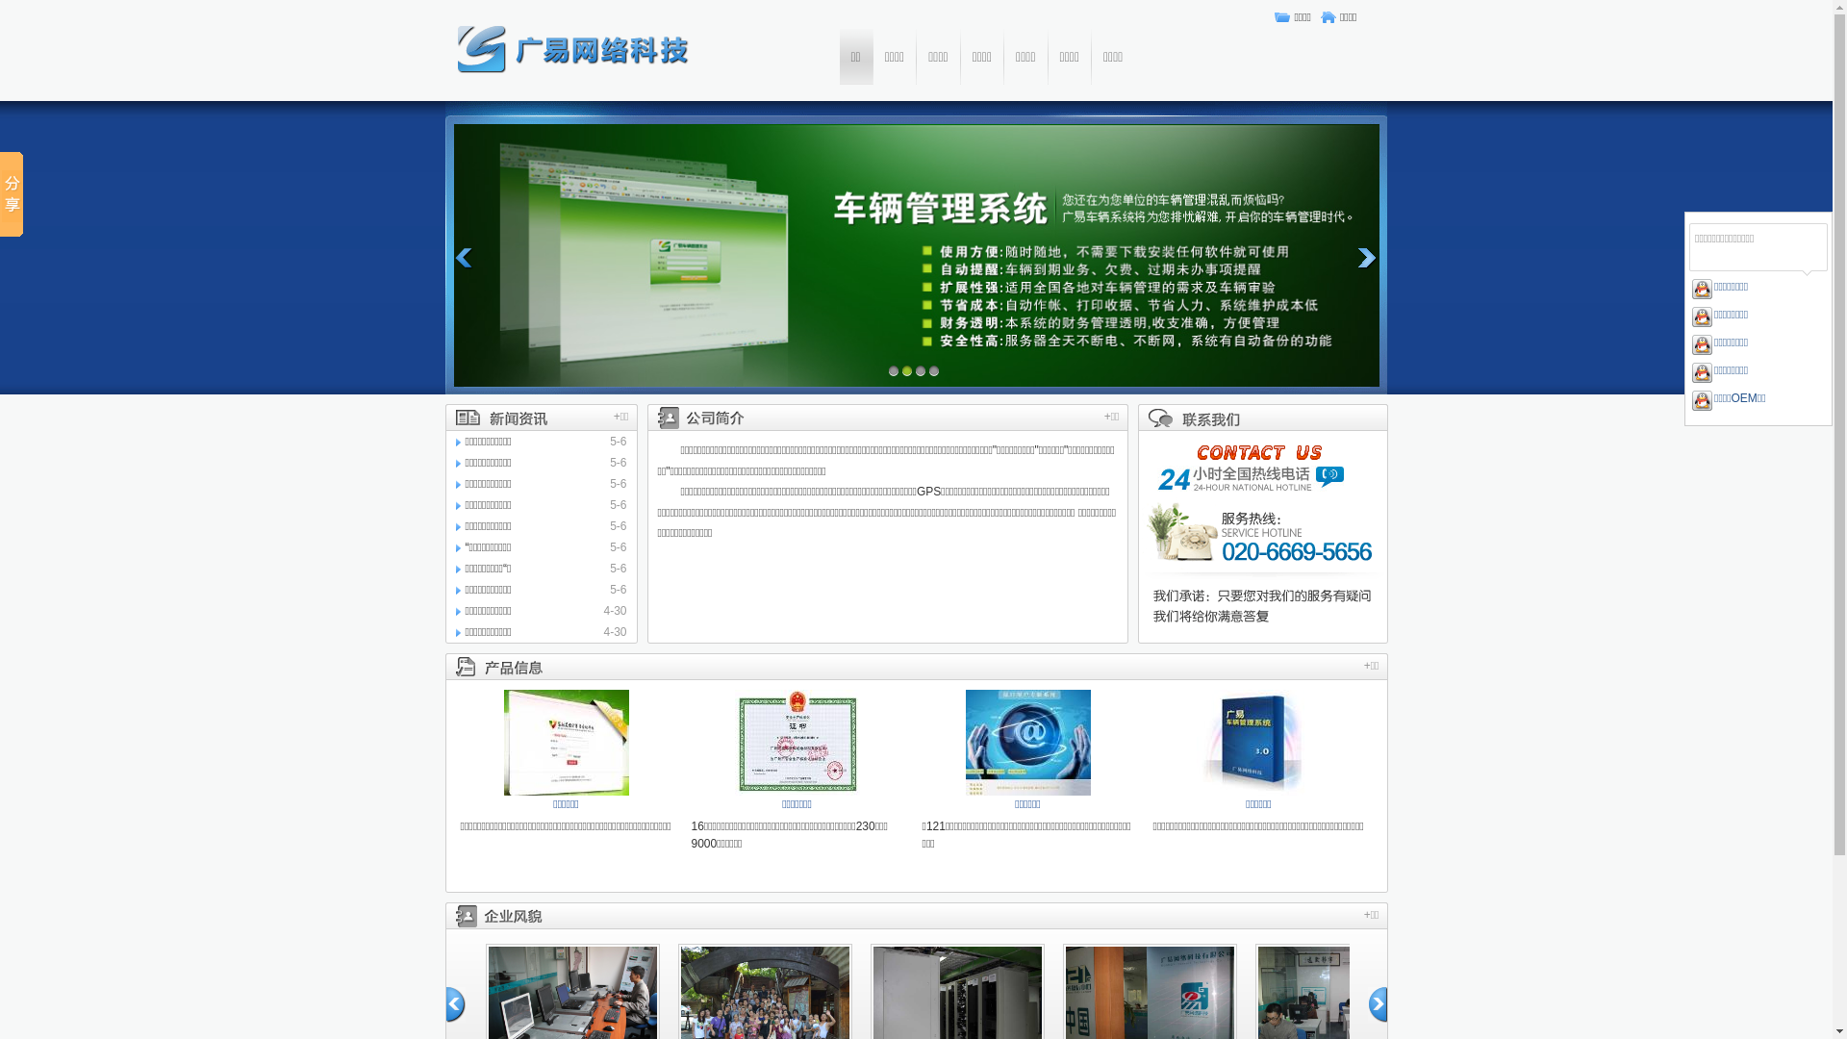 The image size is (1847, 1039). I want to click on '3', so click(918, 370).